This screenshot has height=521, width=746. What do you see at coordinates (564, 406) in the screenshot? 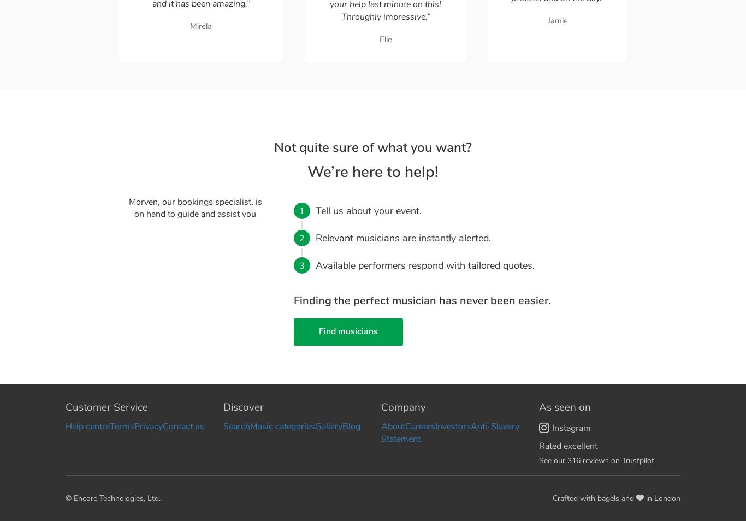
I see `'As seen on'` at bounding box center [564, 406].